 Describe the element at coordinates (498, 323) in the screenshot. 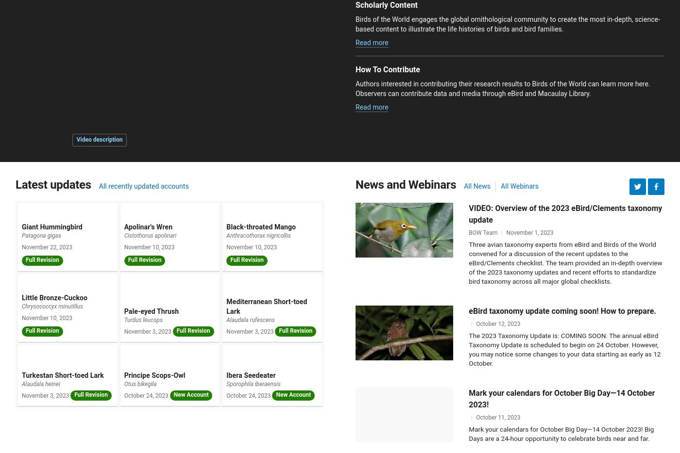

I see `'October 12, 2023'` at that location.